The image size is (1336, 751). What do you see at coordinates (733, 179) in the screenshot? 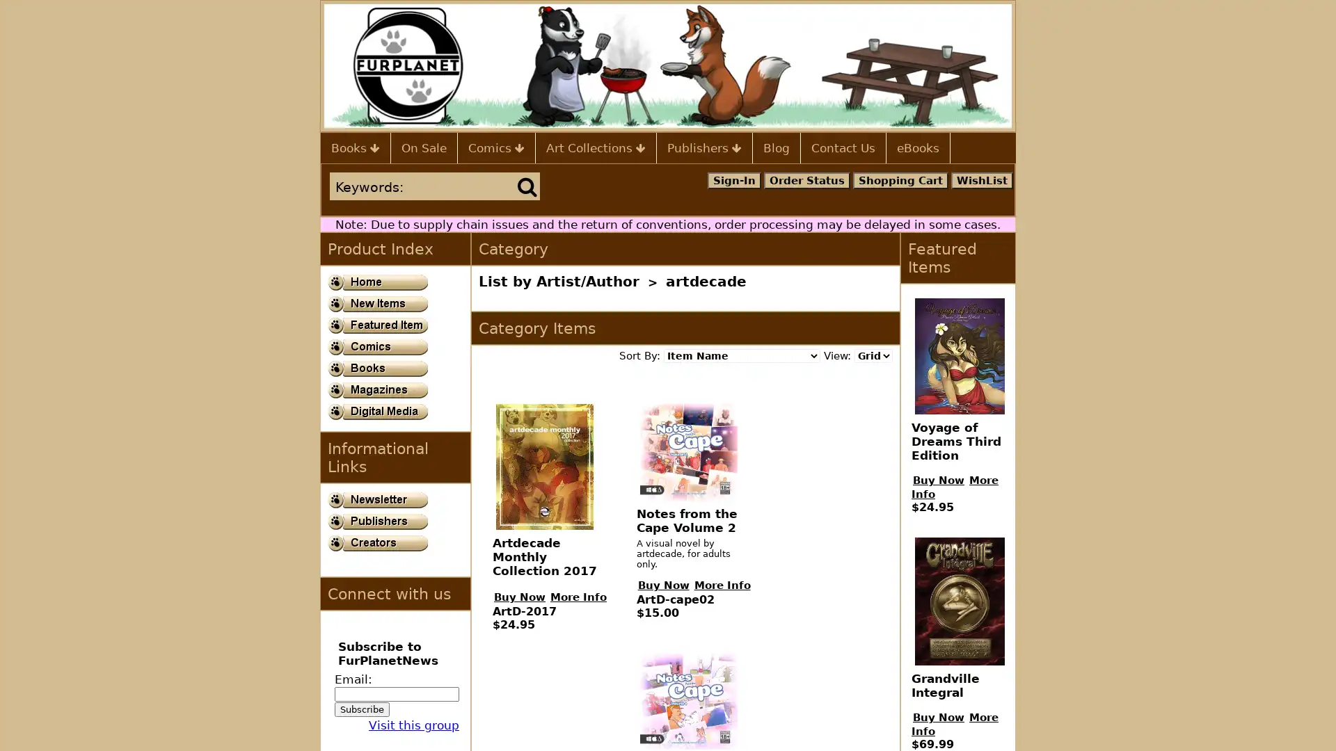
I see `Sign-In` at bounding box center [733, 179].